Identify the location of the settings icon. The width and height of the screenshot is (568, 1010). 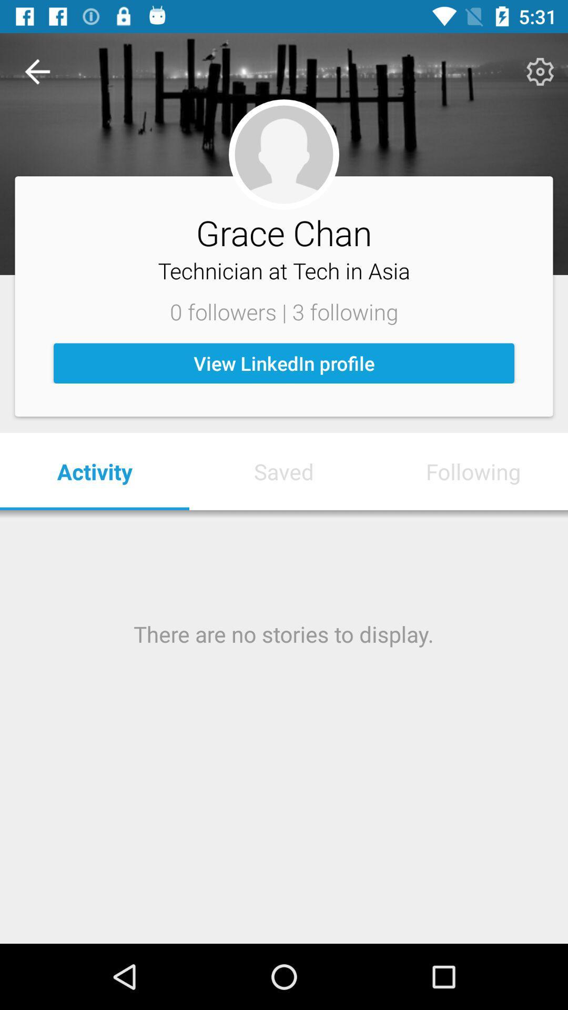
(539, 71).